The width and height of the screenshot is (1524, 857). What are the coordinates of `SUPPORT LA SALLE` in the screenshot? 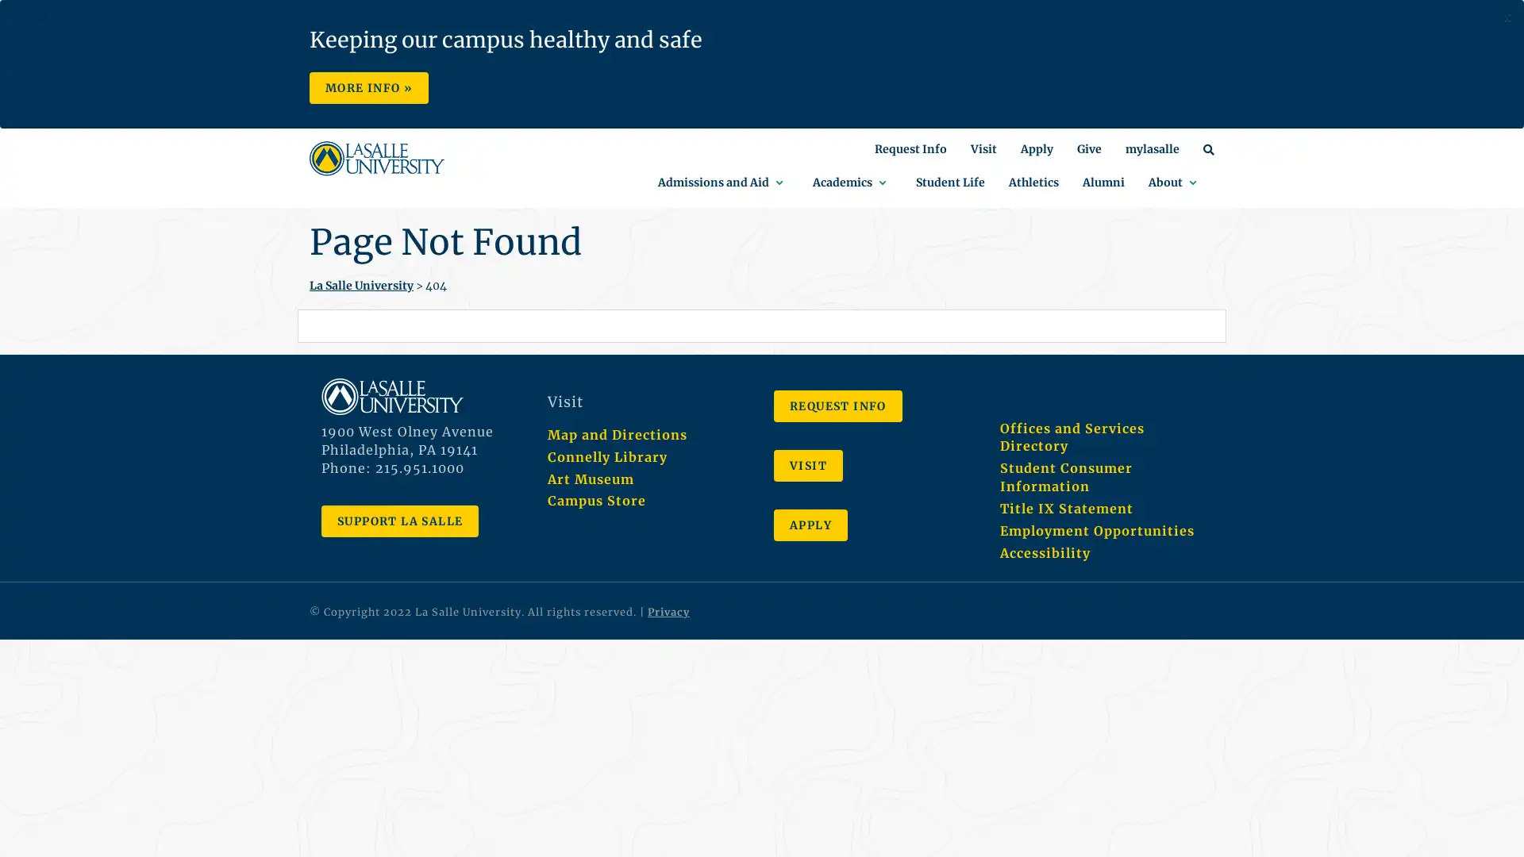 It's located at (400, 520).